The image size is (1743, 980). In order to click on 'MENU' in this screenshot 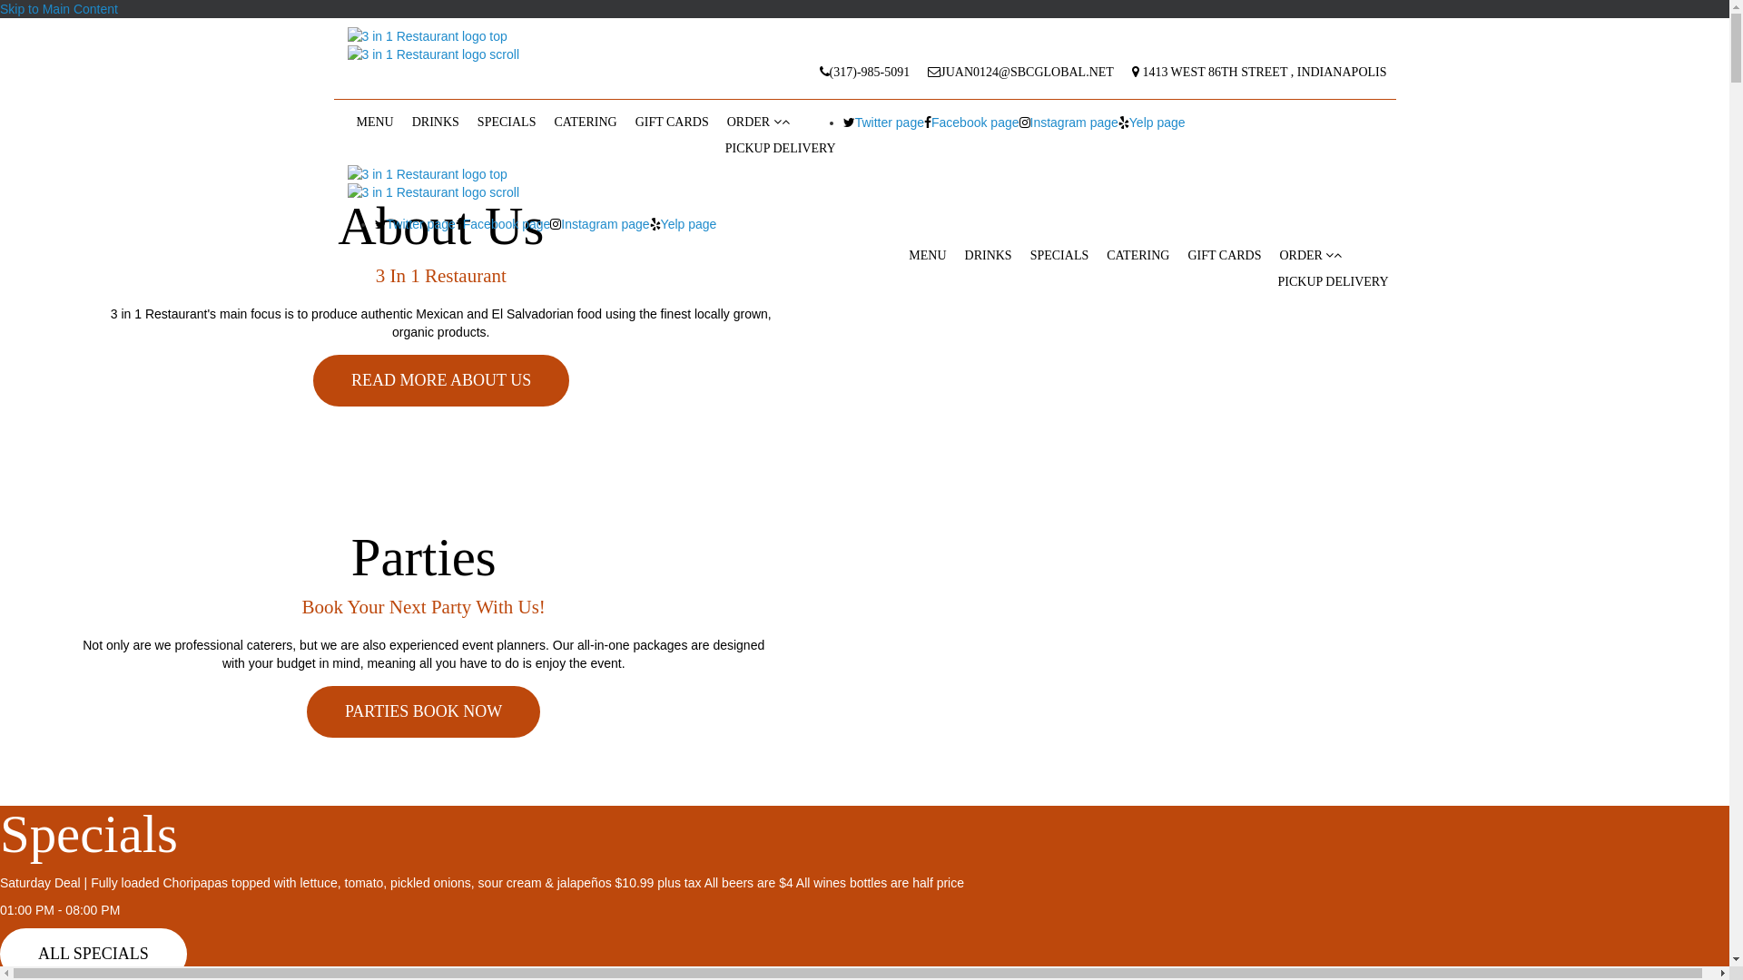, I will do `click(347, 122)`.